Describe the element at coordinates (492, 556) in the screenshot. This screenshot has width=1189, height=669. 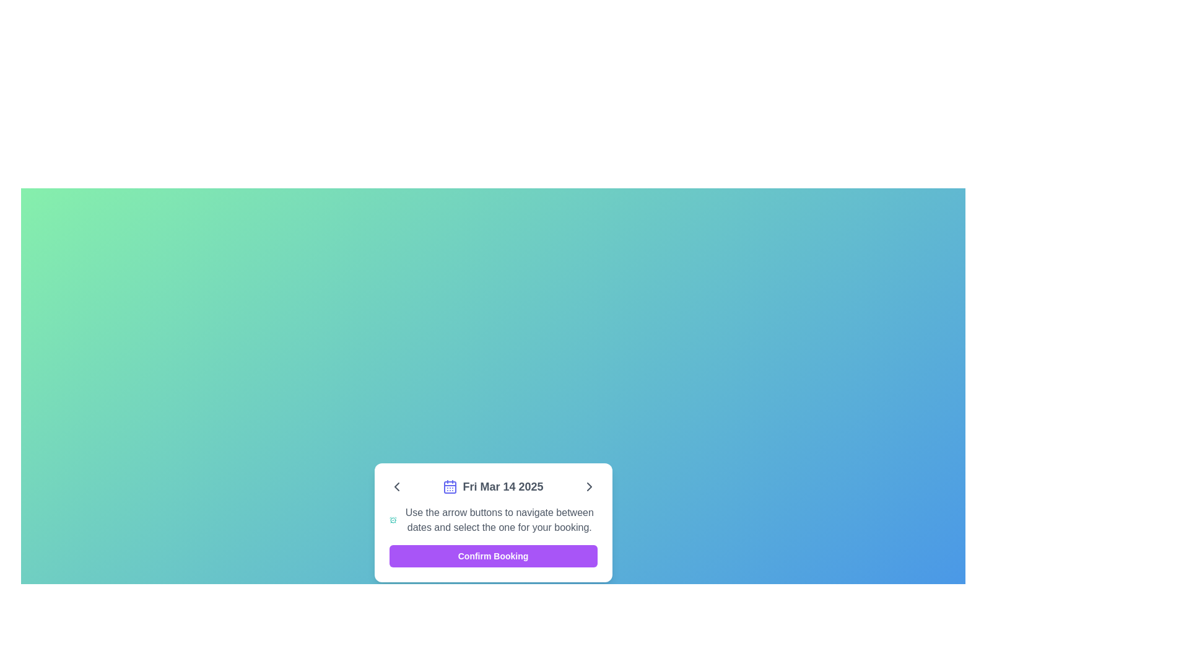
I see `the rectangular button with a purple background and white text that reads 'Confirm Booking' to confirm the booking` at that location.